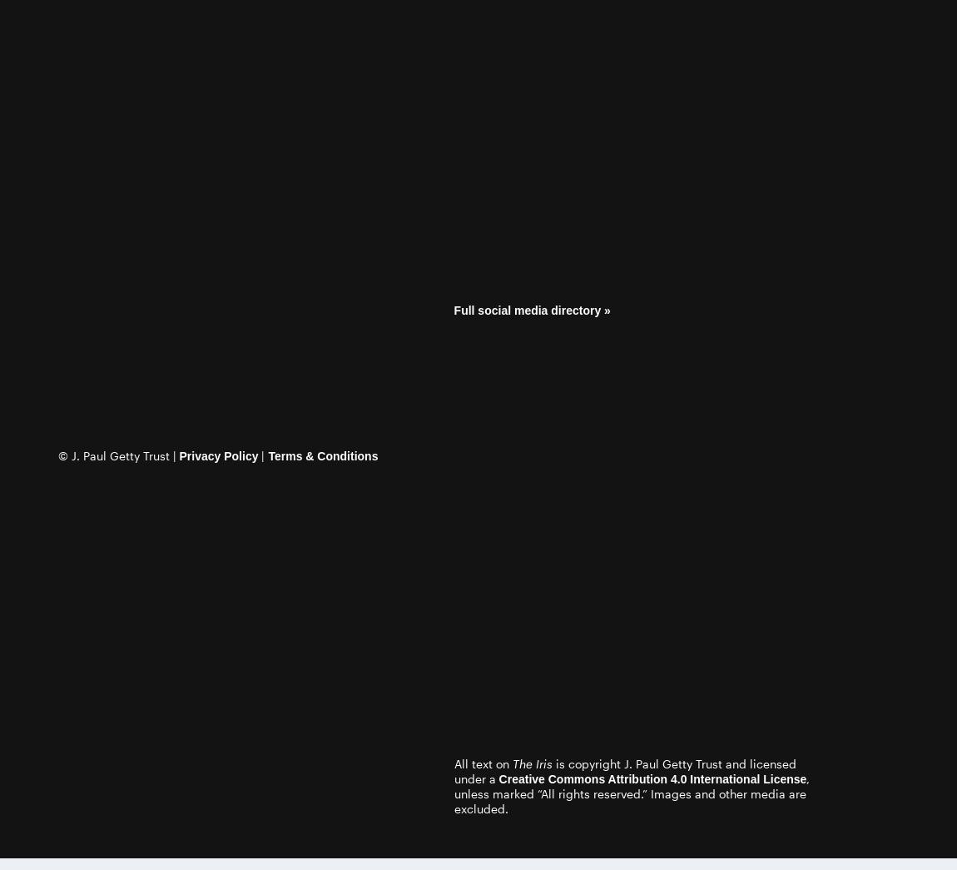 Image resolution: width=957 pixels, height=870 pixels. I want to click on 'Creative Commons Attribution 4.0 International License', so click(651, 777).